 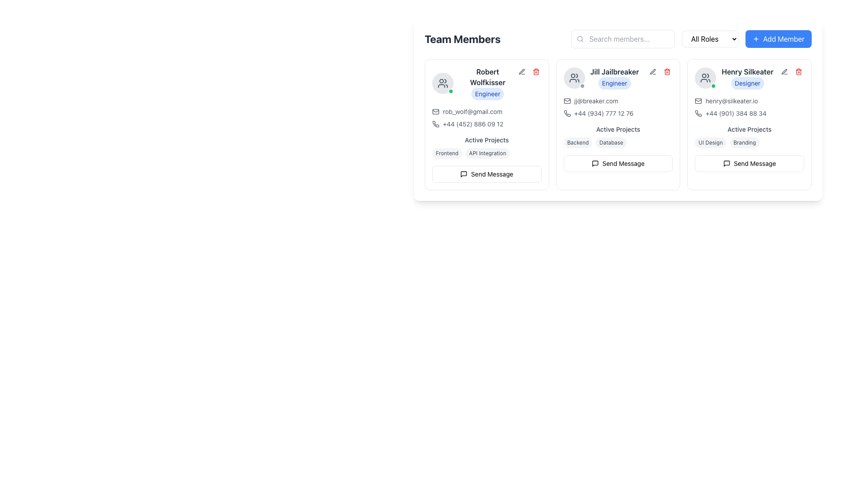 What do you see at coordinates (522, 71) in the screenshot?
I see `the pen icon located` at bounding box center [522, 71].